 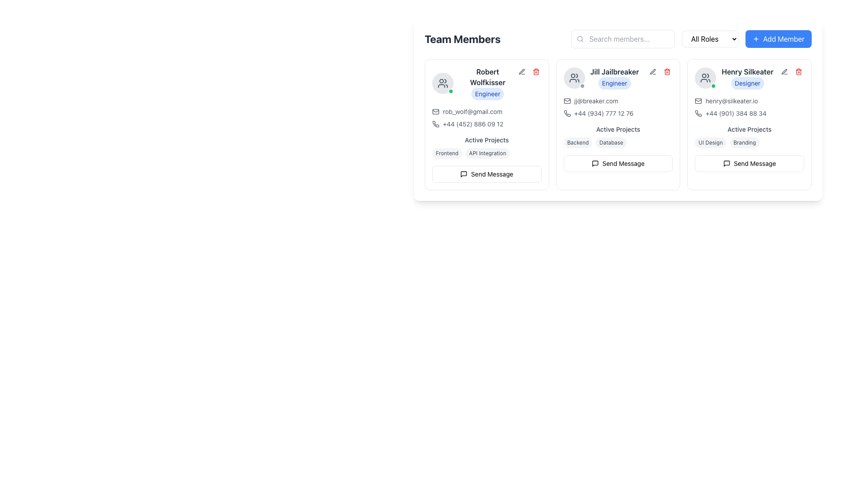 What do you see at coordinates (522, 71) in the screenshot?
I see `the pen icon located` at bounding box center [522, 71].